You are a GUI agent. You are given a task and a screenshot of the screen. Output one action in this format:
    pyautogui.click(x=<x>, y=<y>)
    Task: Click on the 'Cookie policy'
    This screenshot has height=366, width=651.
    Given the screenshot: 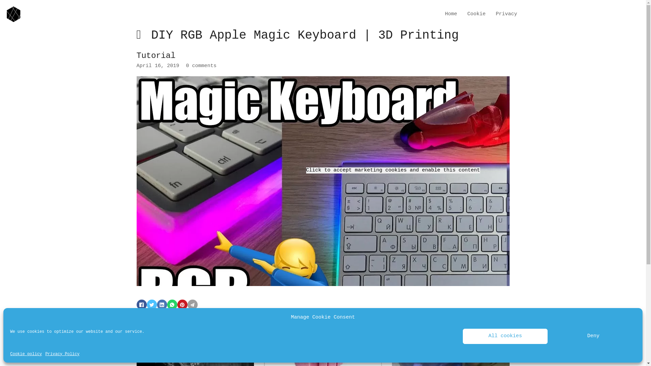 What is the action you would take?
    pyautogui.click(x=26, y=354)
    